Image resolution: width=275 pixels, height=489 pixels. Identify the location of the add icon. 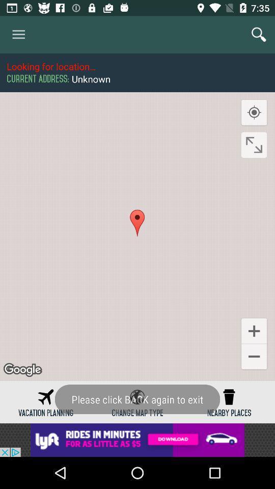
(254, 330).